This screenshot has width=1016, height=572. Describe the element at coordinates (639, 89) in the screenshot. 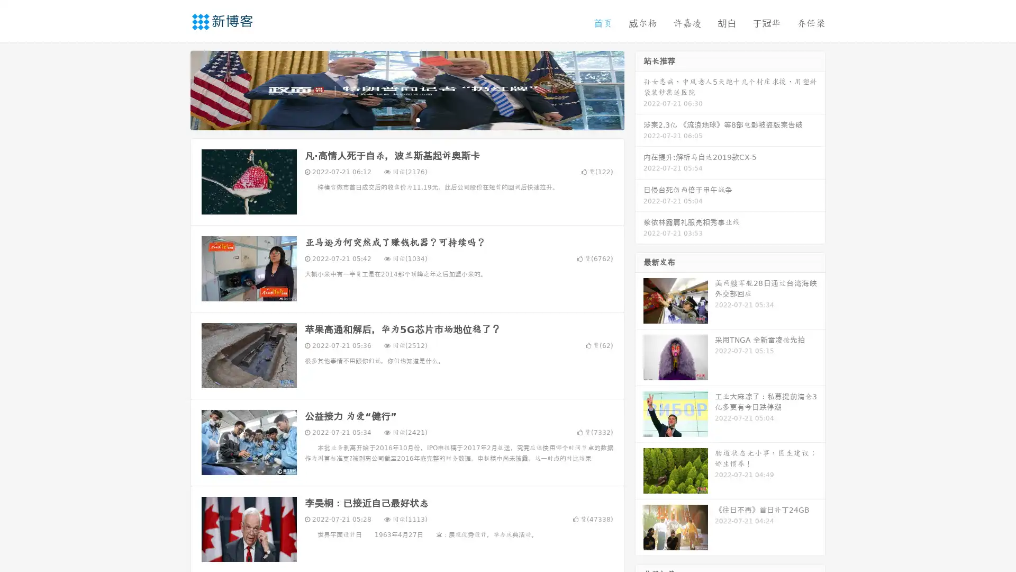

I see `Next slide` at that location.